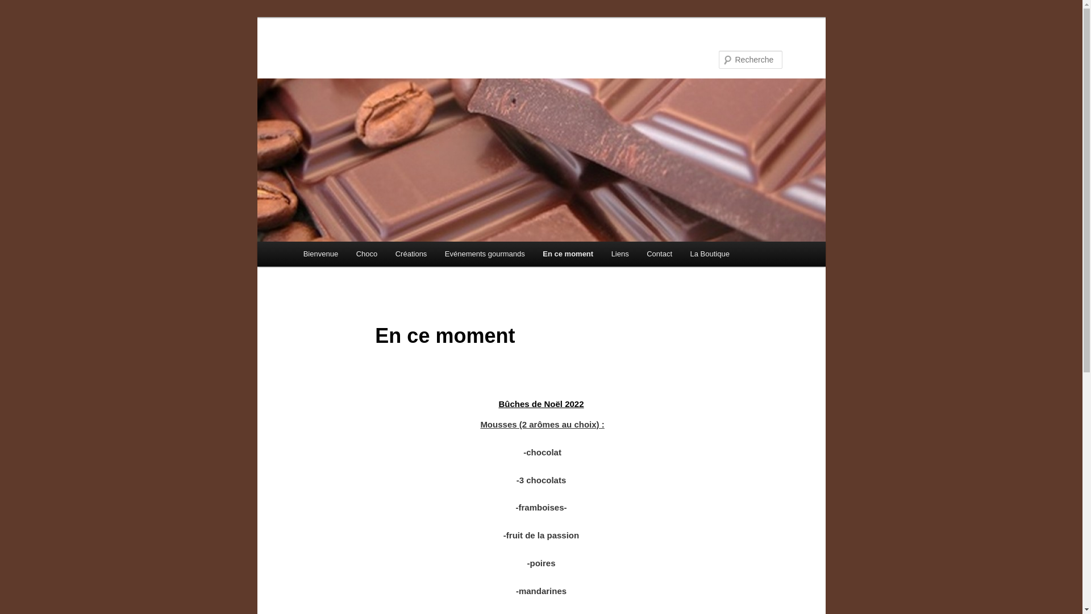 The height and width of the screenshot is (614, 1091). Describe the element at coordinates (659, 253) in the screenshot. I see `'Contact'` at that location.